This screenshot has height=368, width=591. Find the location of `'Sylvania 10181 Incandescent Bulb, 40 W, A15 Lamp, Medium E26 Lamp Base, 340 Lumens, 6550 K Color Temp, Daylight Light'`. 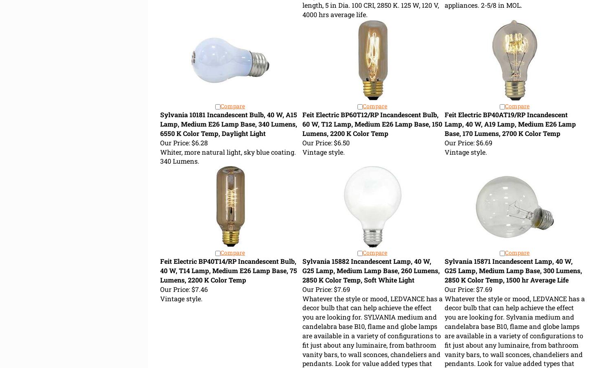

'Sylvania 10181 Incandescent Bulb, 40 W, A15 Lamp, Medium E26 Lamp Base, 340 Lumens, 6550 K Color Temp, Daylight Light' is located at coordinates (228, 124).